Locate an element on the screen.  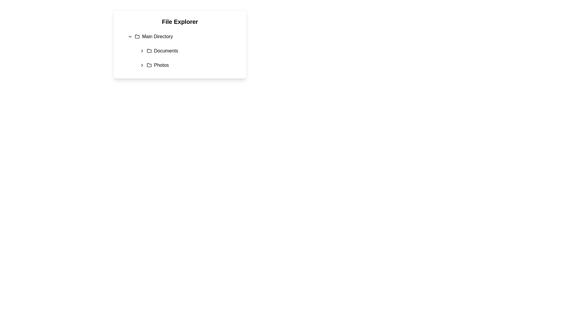
the Title/Heading element at the top of the file management interface, which indicates the current context or application section is located at coordinates (180, 21).